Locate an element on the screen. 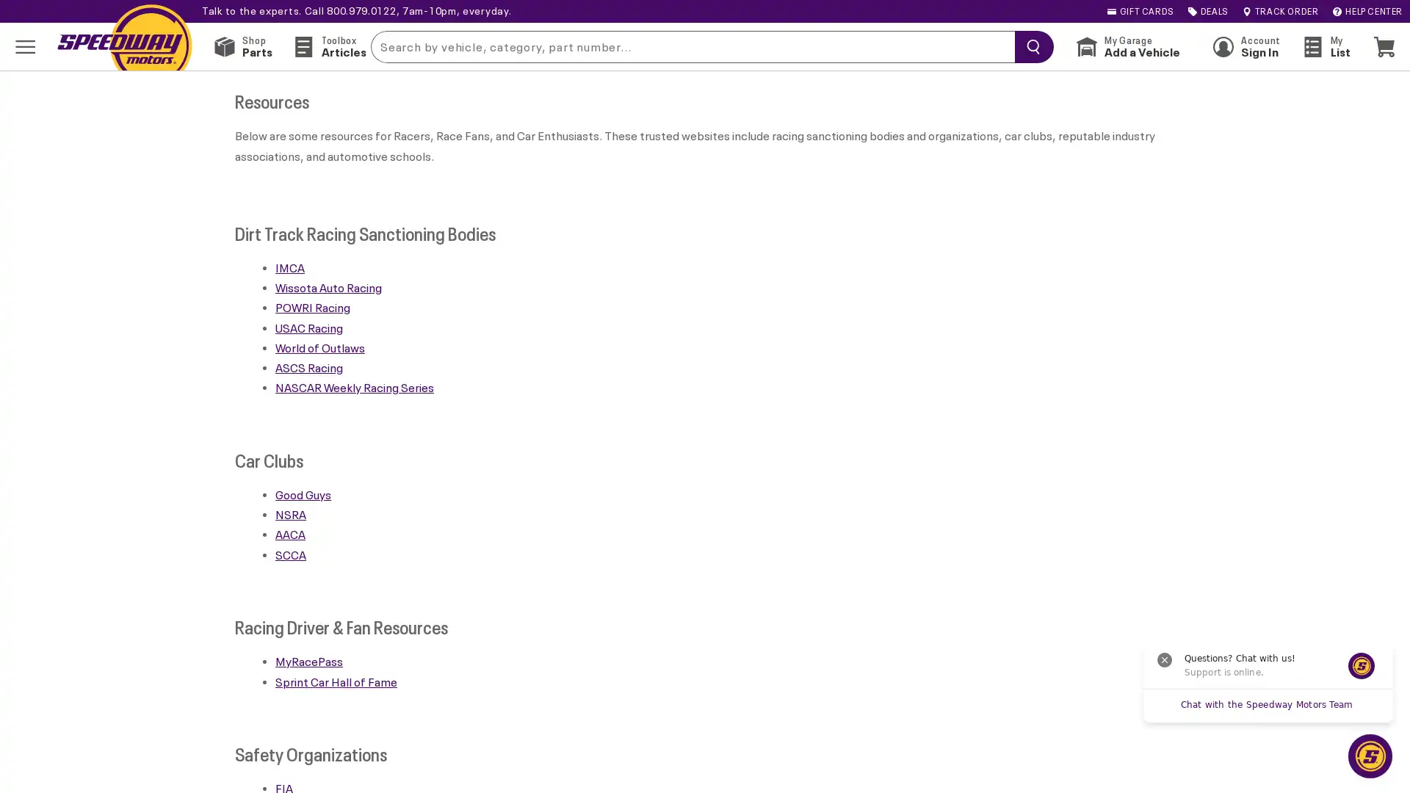 The image size is (1410, 793). My Garage Add a Vehicle is located at coordinates (1127, 46).